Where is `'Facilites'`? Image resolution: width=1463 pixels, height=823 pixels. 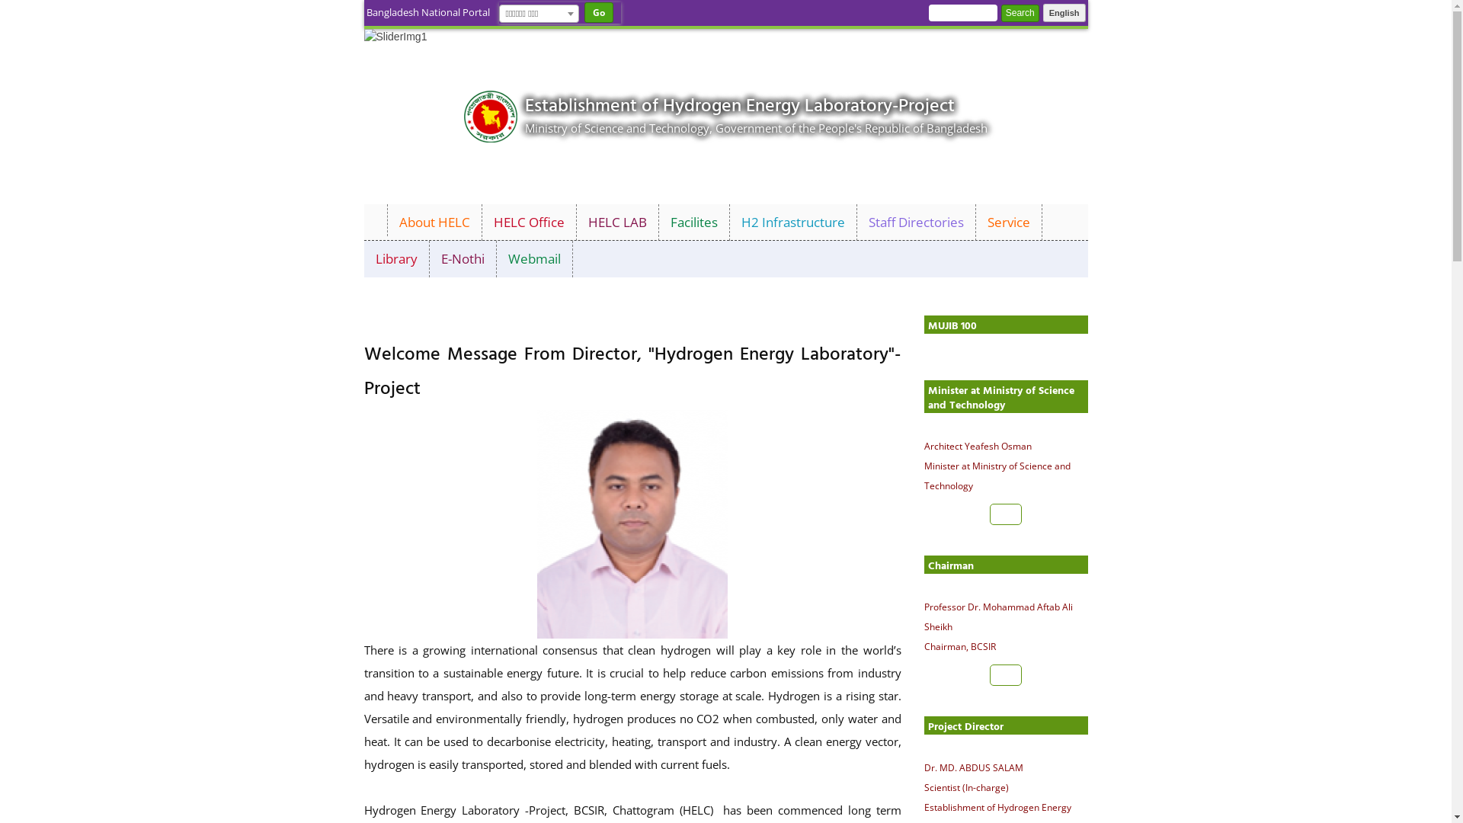 'Facilites' is located at coordinates (693, 223).